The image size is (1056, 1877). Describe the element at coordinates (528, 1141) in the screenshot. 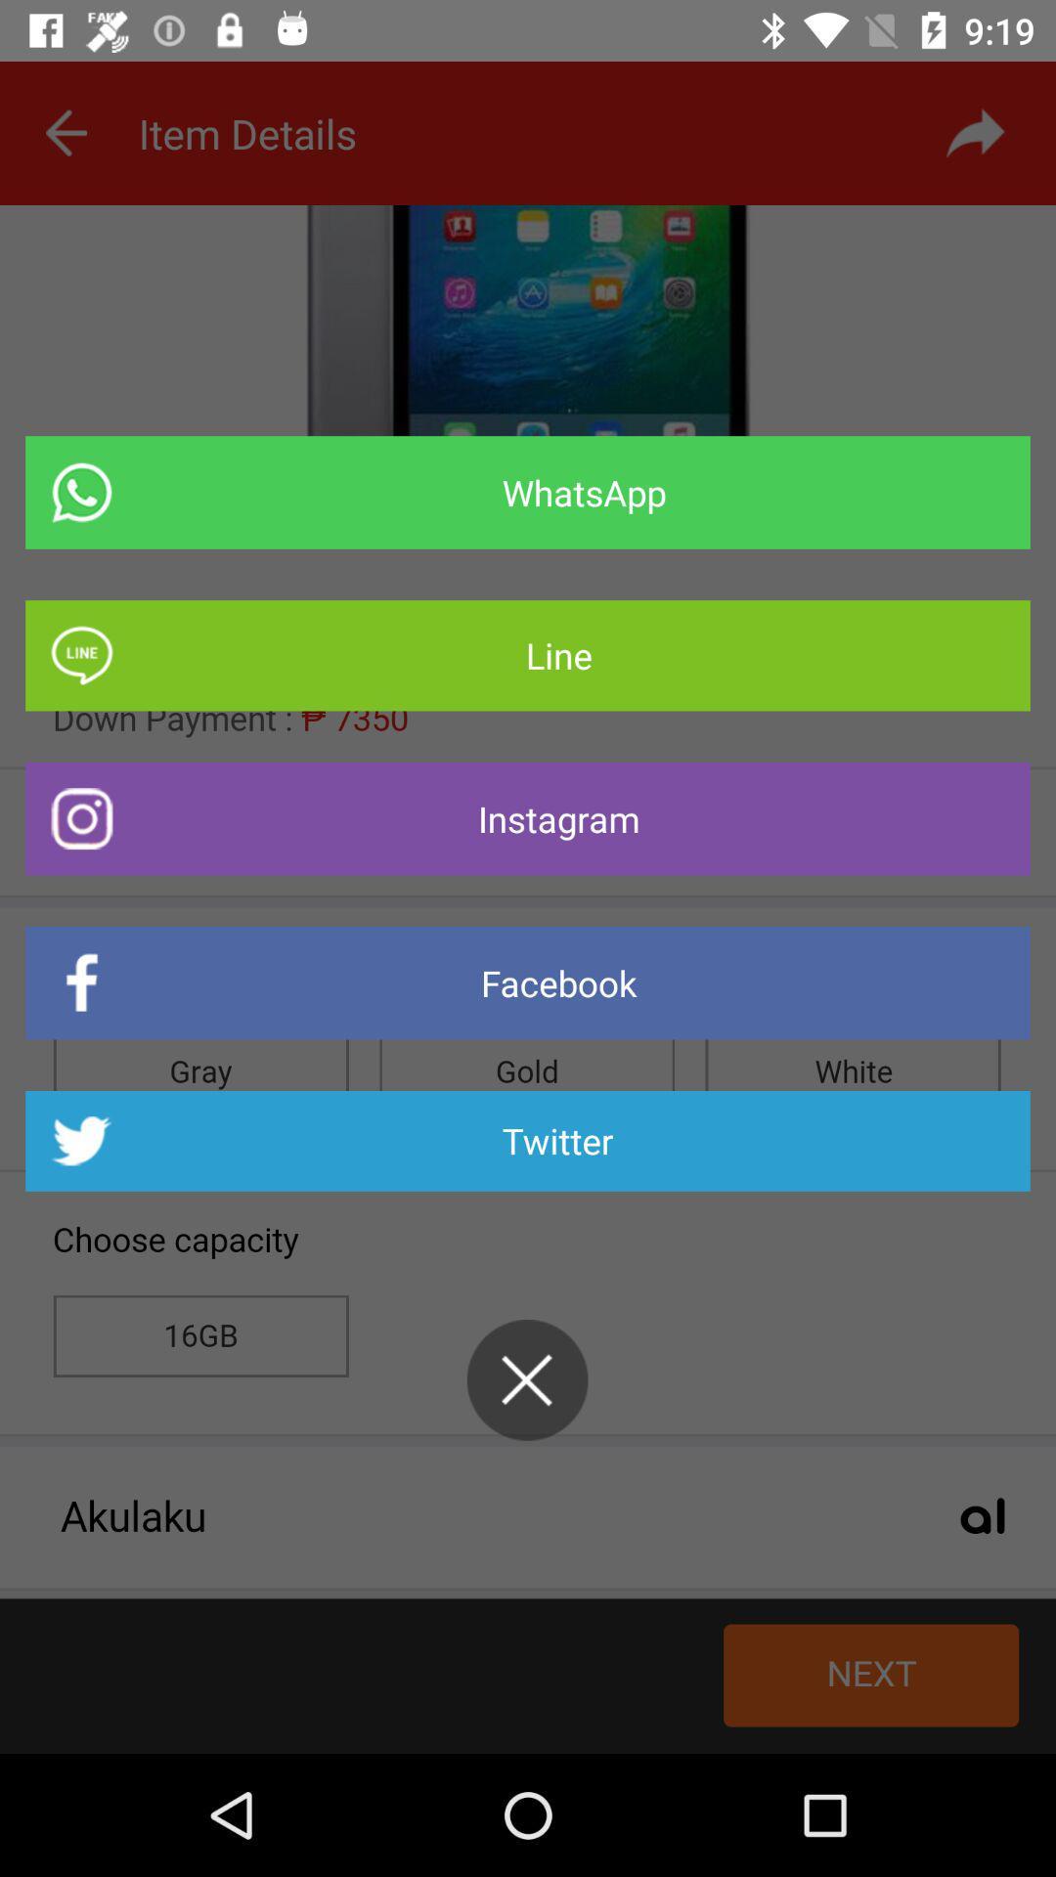

I see `the twitter item` at that location.